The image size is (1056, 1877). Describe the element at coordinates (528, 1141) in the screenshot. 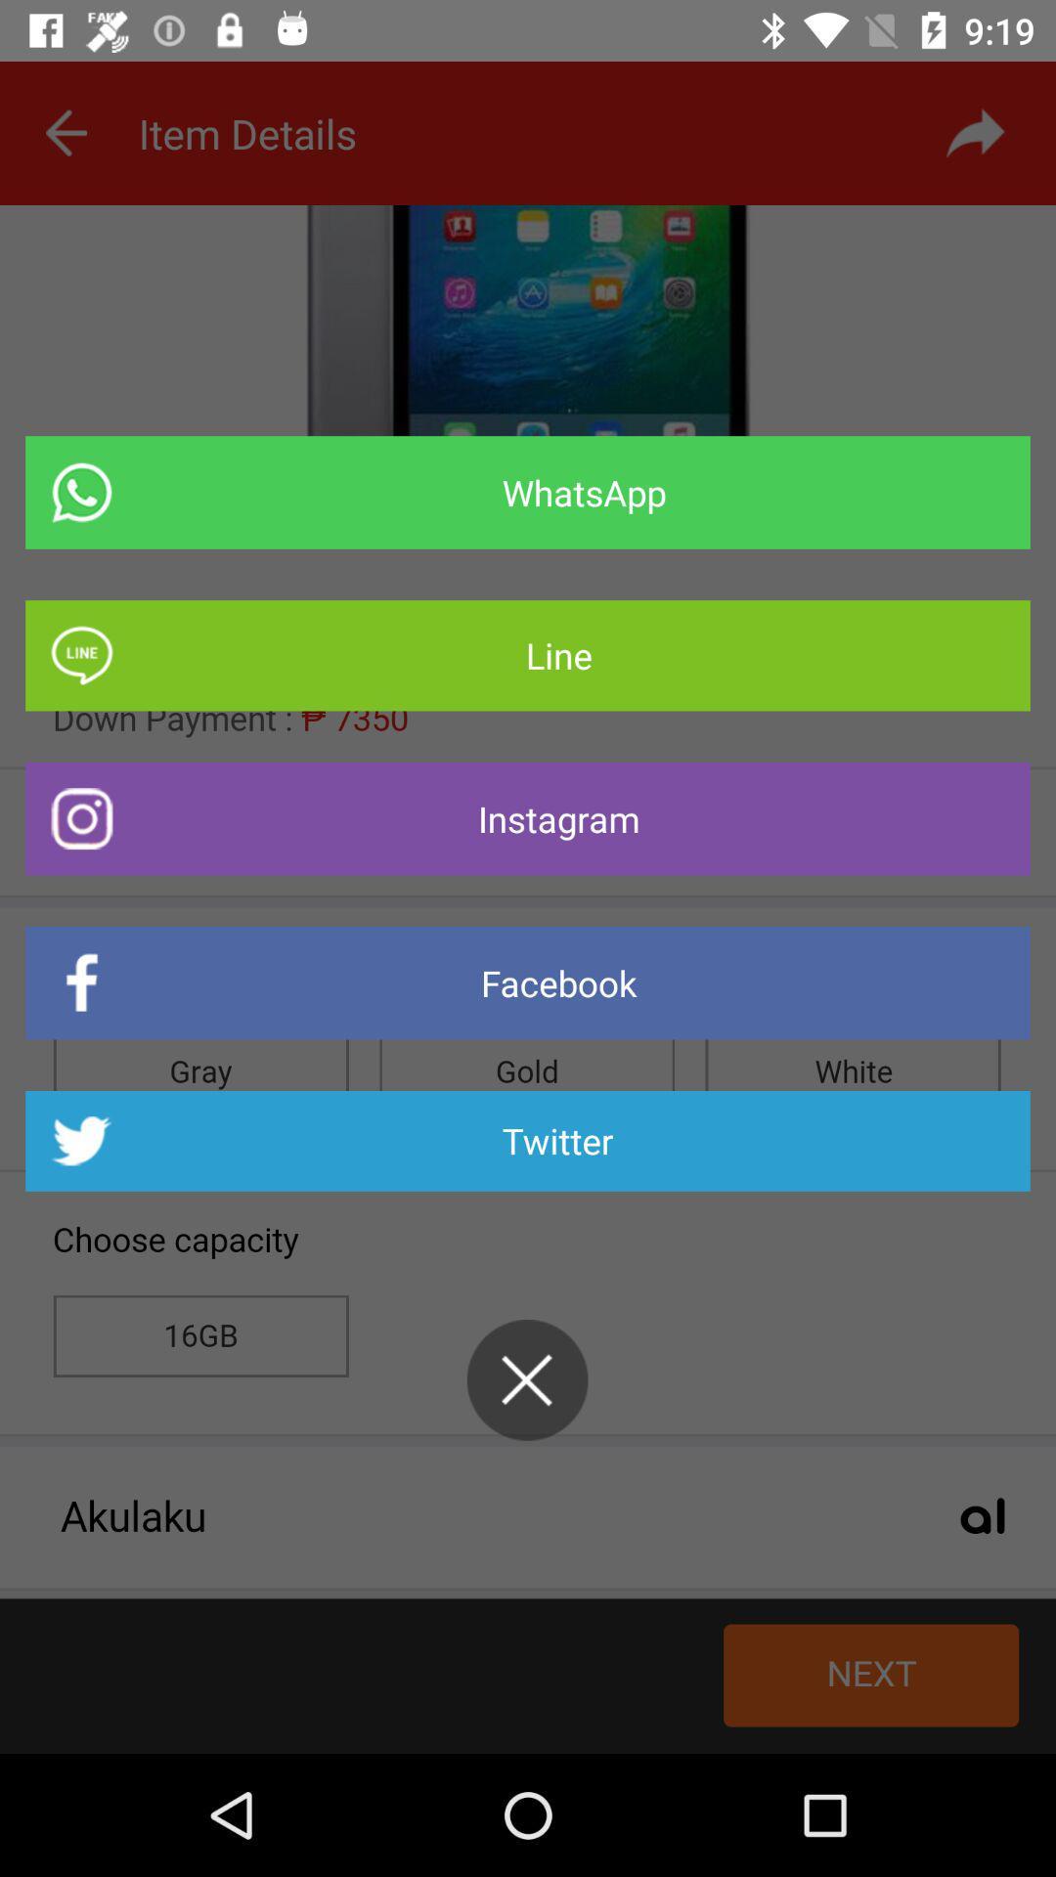

I see `the twitter item` at that location.